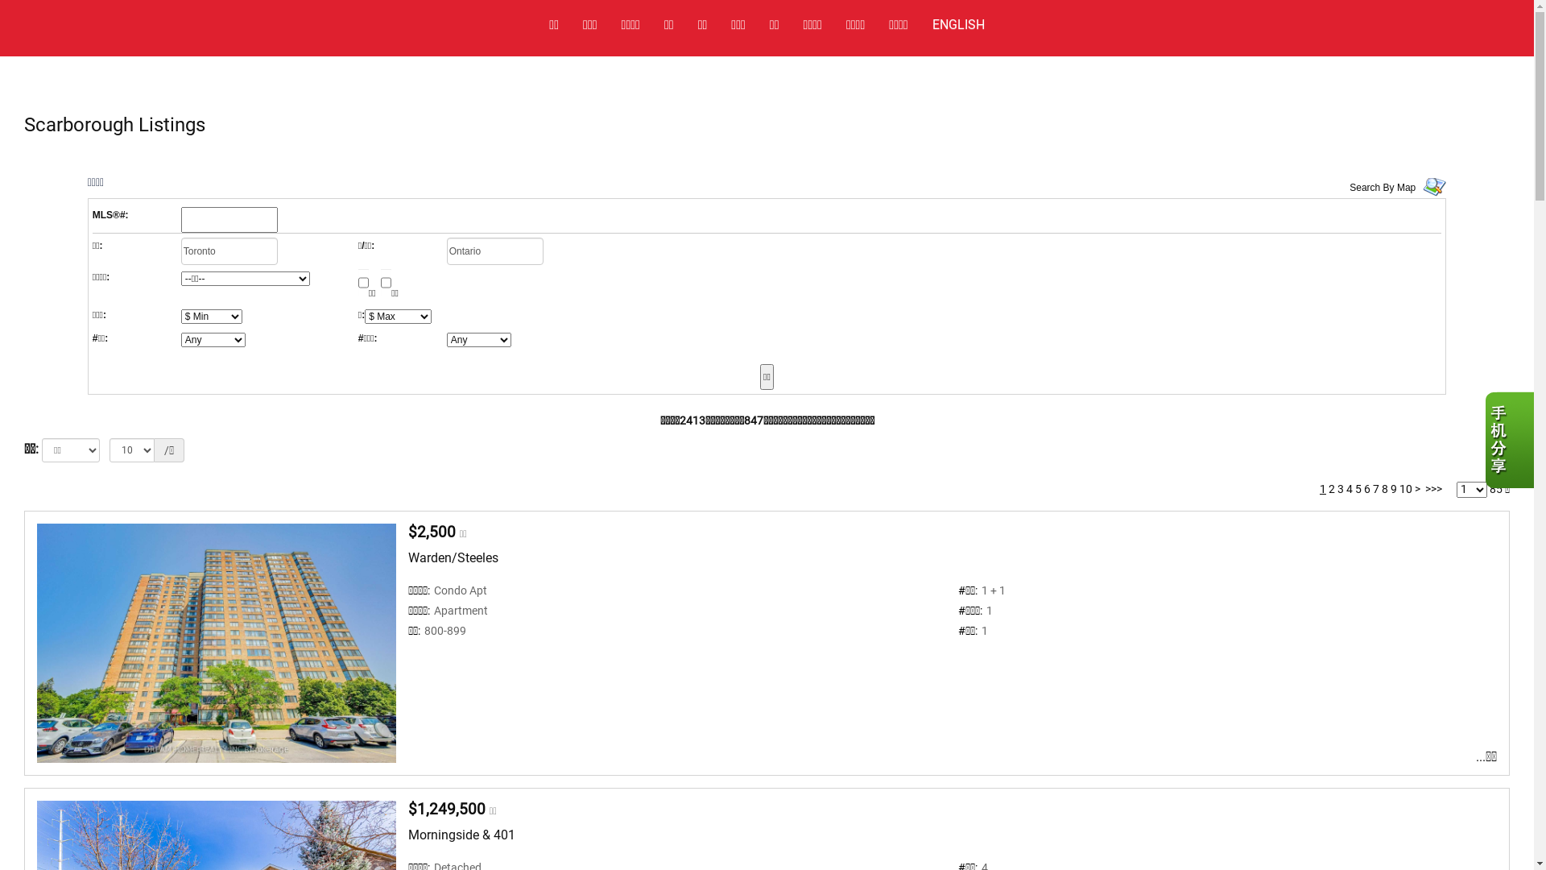  I want to click on '7', so click(1371, 487).